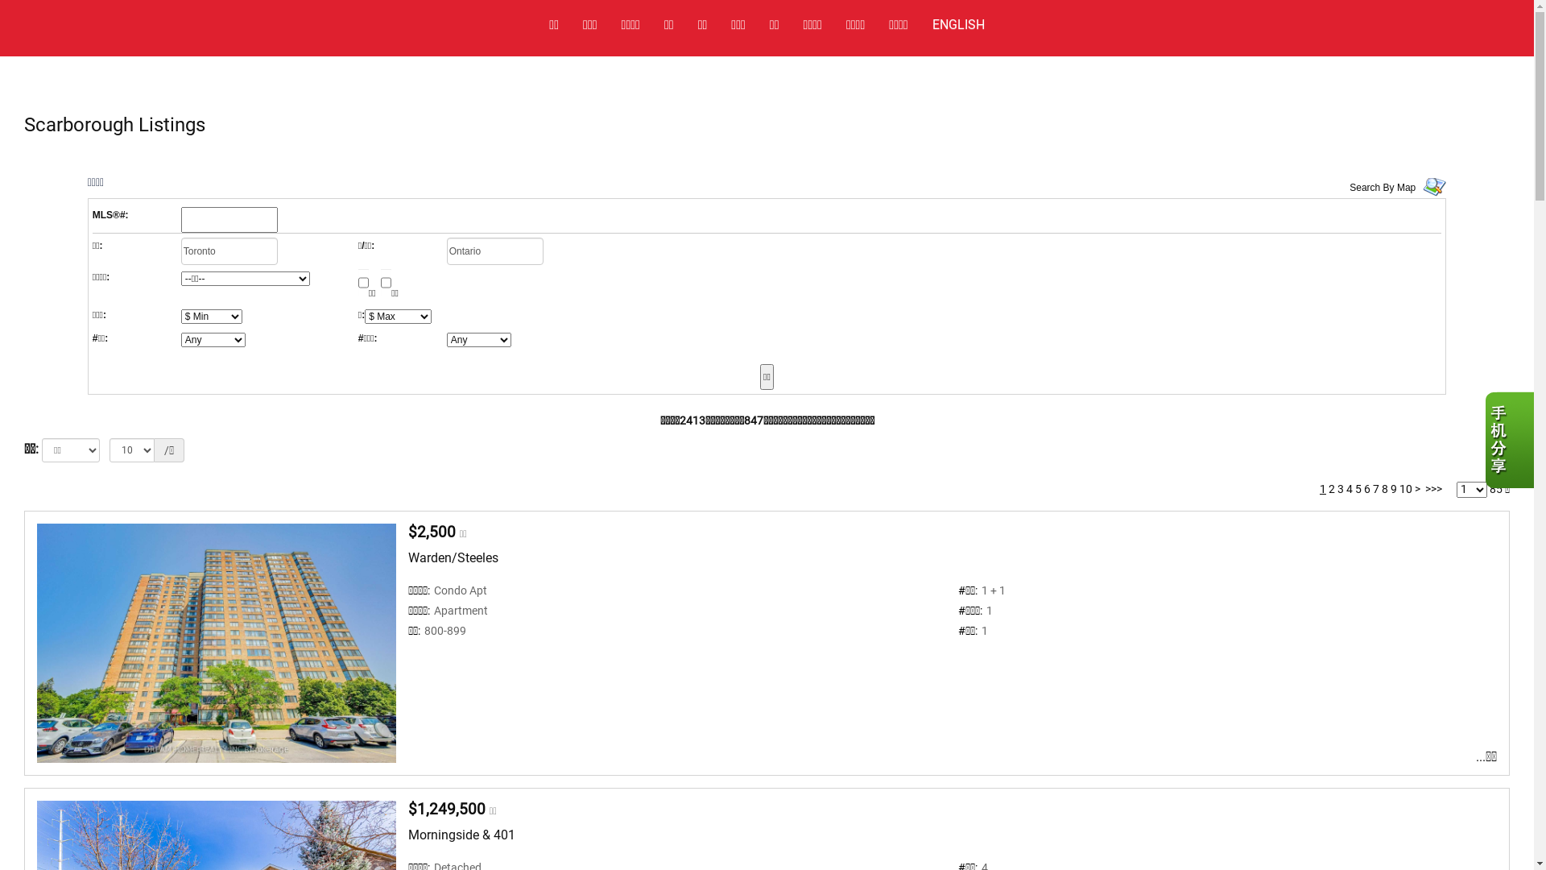  I want to click on '7', so click(1371, 487).